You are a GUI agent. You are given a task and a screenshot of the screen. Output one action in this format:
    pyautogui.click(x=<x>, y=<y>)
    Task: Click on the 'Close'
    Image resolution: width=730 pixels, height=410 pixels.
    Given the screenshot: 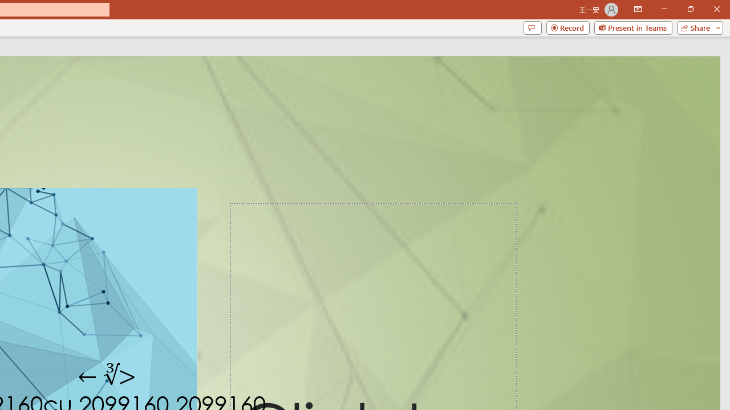 What is the action you would take?
    pyautogui.click(x=716, y=9)
    